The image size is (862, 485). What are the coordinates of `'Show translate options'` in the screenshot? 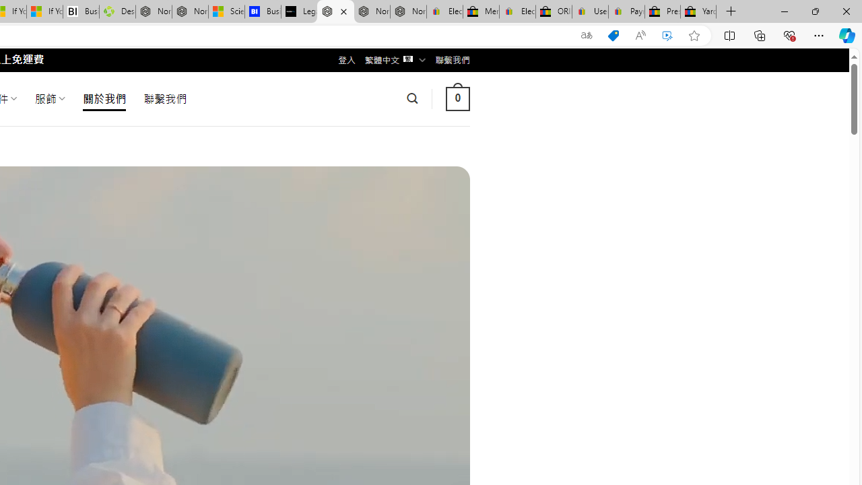 It's located at (587, 35).